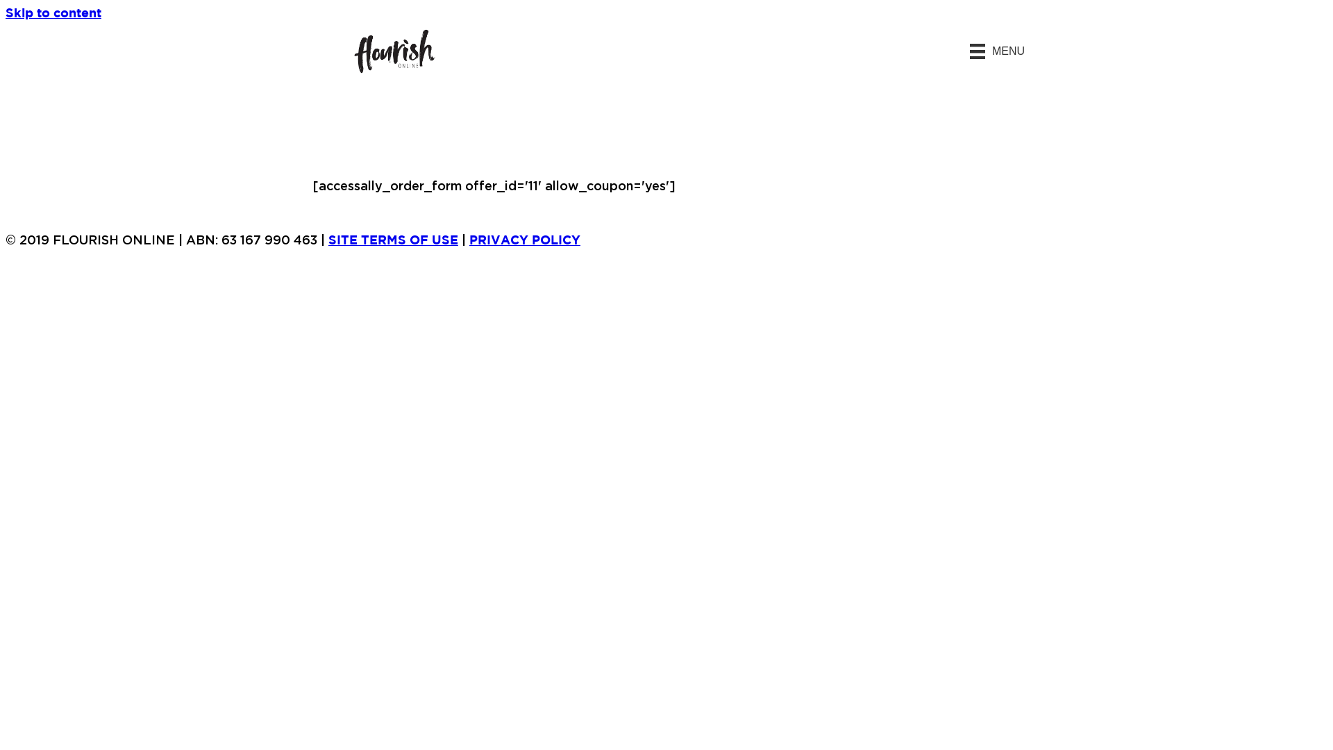 The width and height of the screenshot is (1333, 750). I want to click on 'PRIVACY POLICY', so click(469, 240).